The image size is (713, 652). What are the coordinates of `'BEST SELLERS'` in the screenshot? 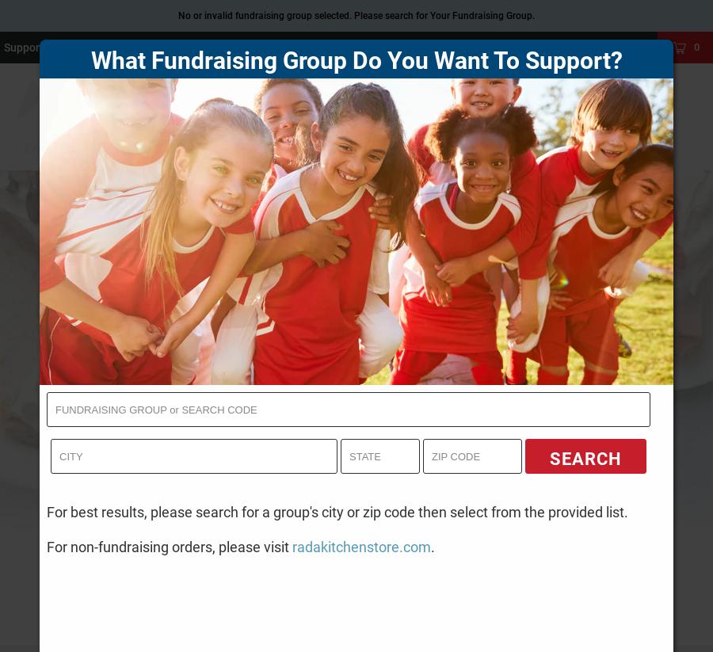 It's located at (487, 149).